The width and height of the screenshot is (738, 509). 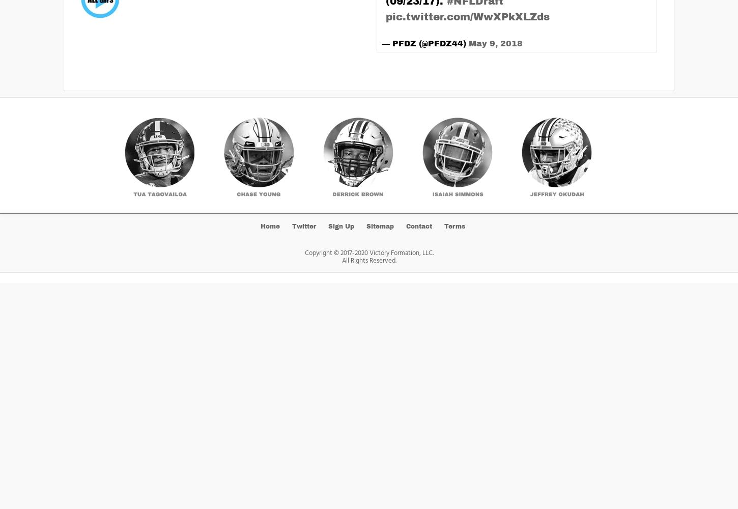 What do you see at coordinates (380, 225) in the screenshot?
I see `'Sitemap'` at bounding box center [380, 225].